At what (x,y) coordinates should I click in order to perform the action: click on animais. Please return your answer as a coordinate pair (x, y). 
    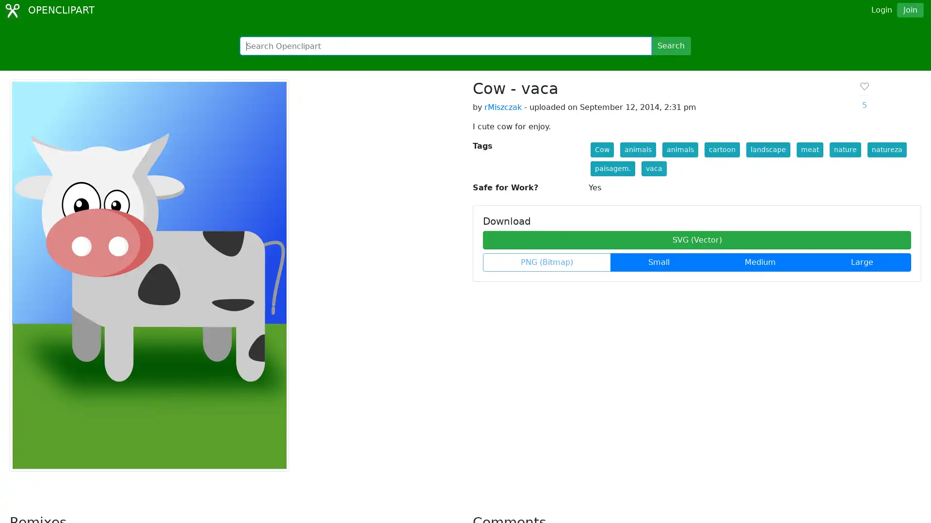
    Looking at the image, I should click on (638, 150).